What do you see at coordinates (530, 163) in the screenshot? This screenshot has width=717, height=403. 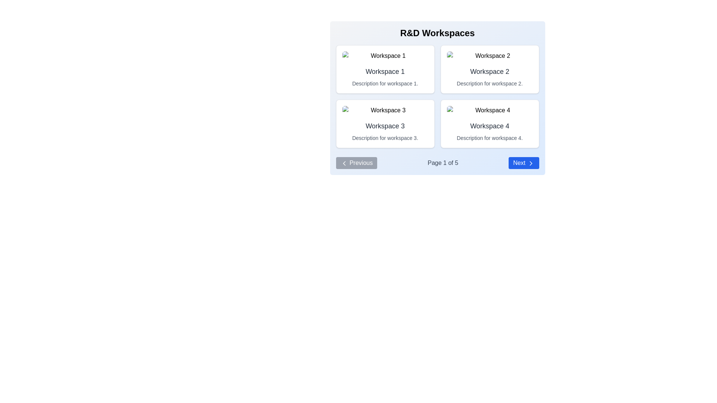 I see `the small right-pointing chevron icon displayed in white on a blue background, located inside the blue 'Next' button at the bottom-right corner of the page` at bounding box center [530, 163].